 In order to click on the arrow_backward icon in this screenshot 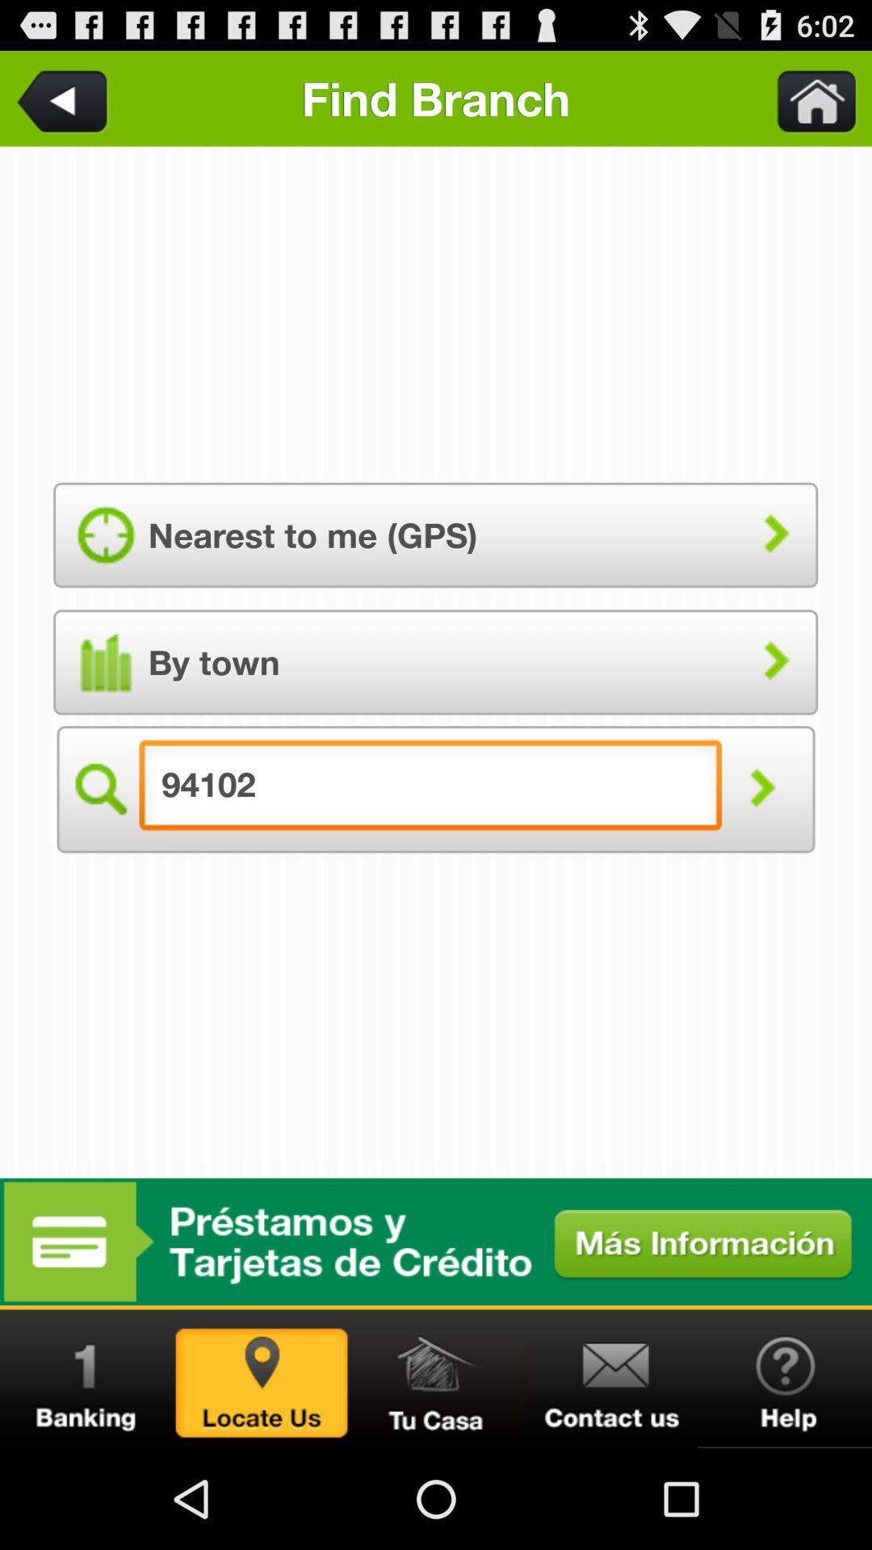, I will do `click(65, 104)`.